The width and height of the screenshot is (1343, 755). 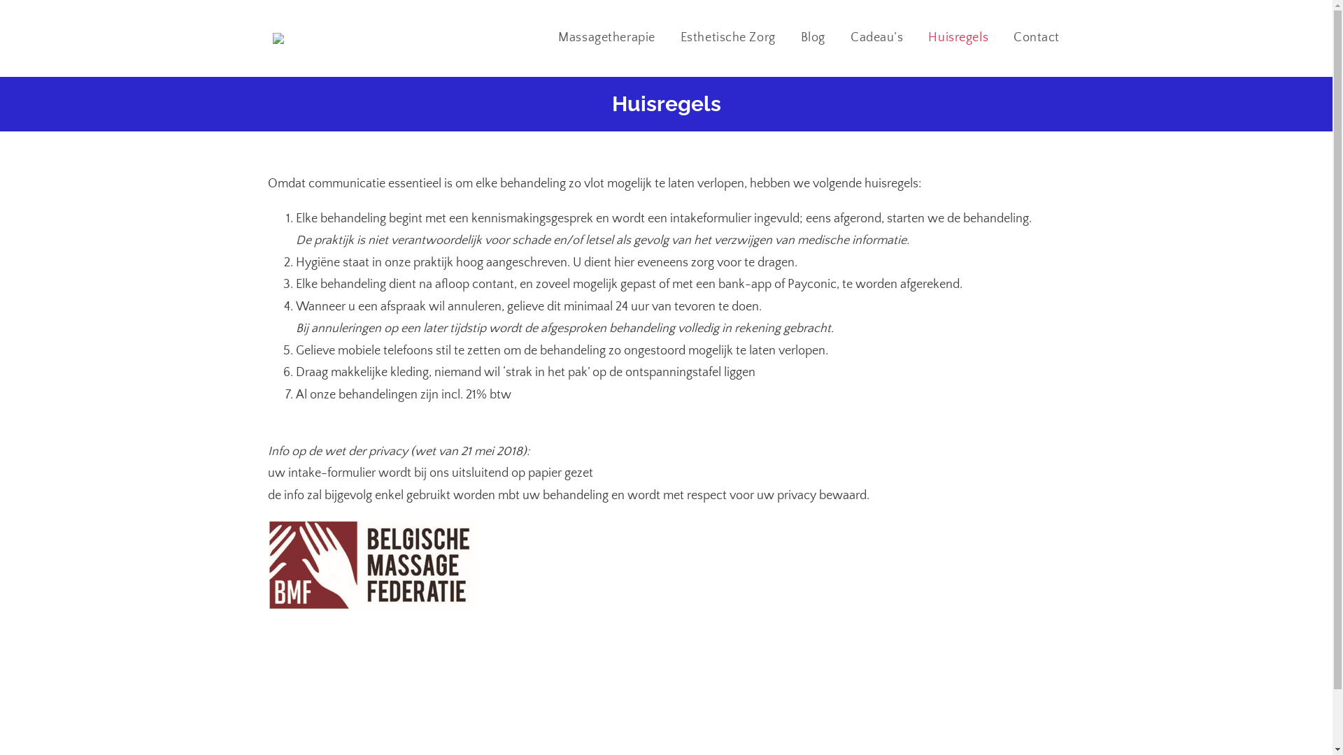 What do you see at coordinates (813, 37) in the screenshot?
I see `'Blog'` at bounding box center [813, 37].